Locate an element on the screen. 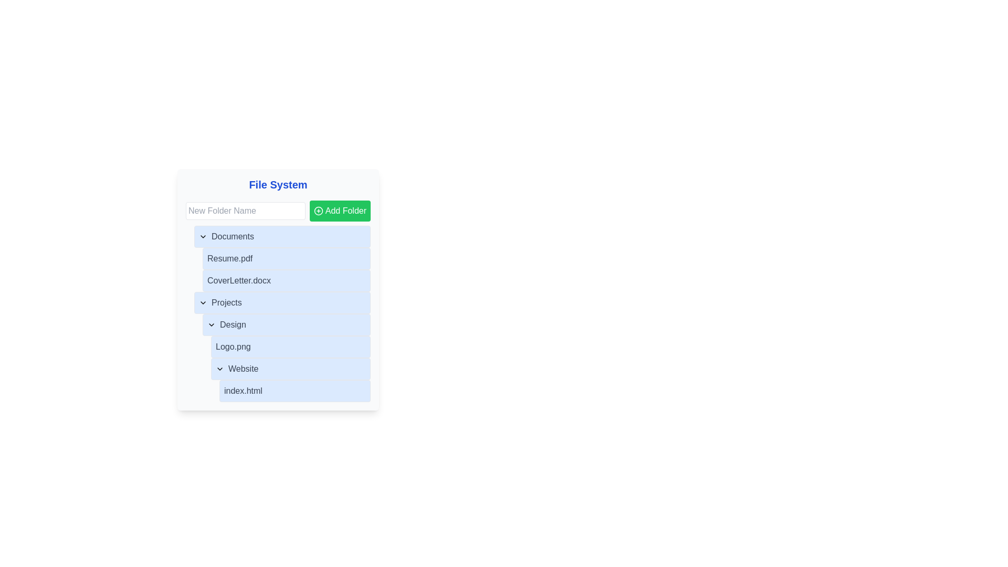 The image size is (1008, 567). the downward-pointing chevron icon located to the left of the 'Design' menu item is located at coordinates (213, 324).